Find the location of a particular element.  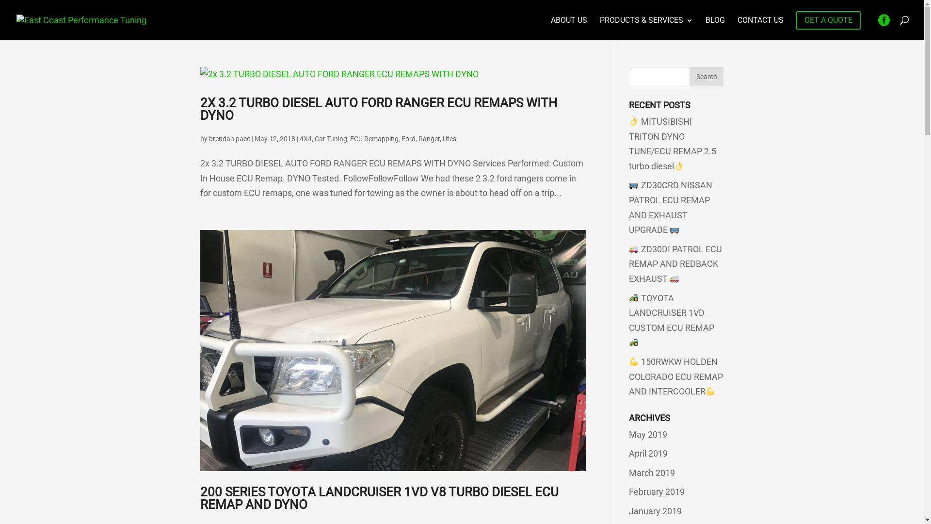

'Car Tuning' is located at coordinates (330, 138).